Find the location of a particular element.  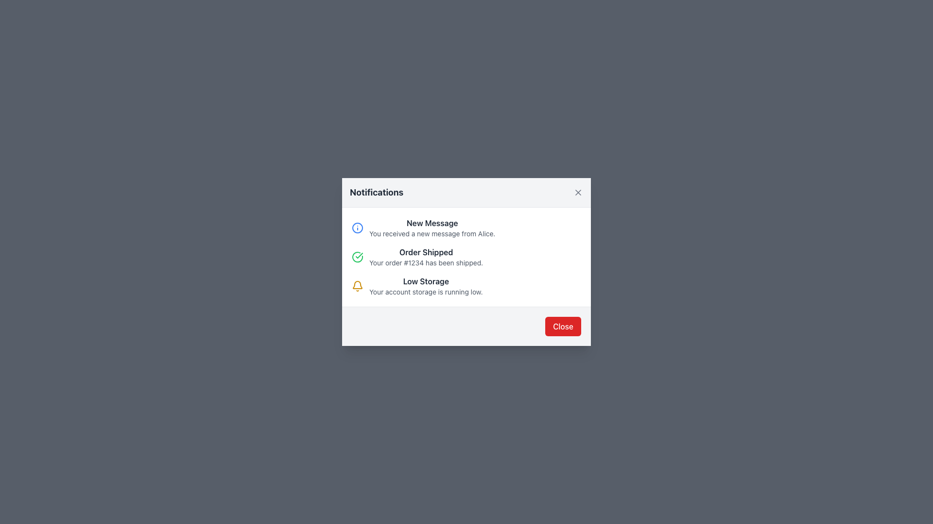

the 'Order Shipped' icon located to the left of the 'Order Shipped' text within the notification card is located at coordinates (357, 256).